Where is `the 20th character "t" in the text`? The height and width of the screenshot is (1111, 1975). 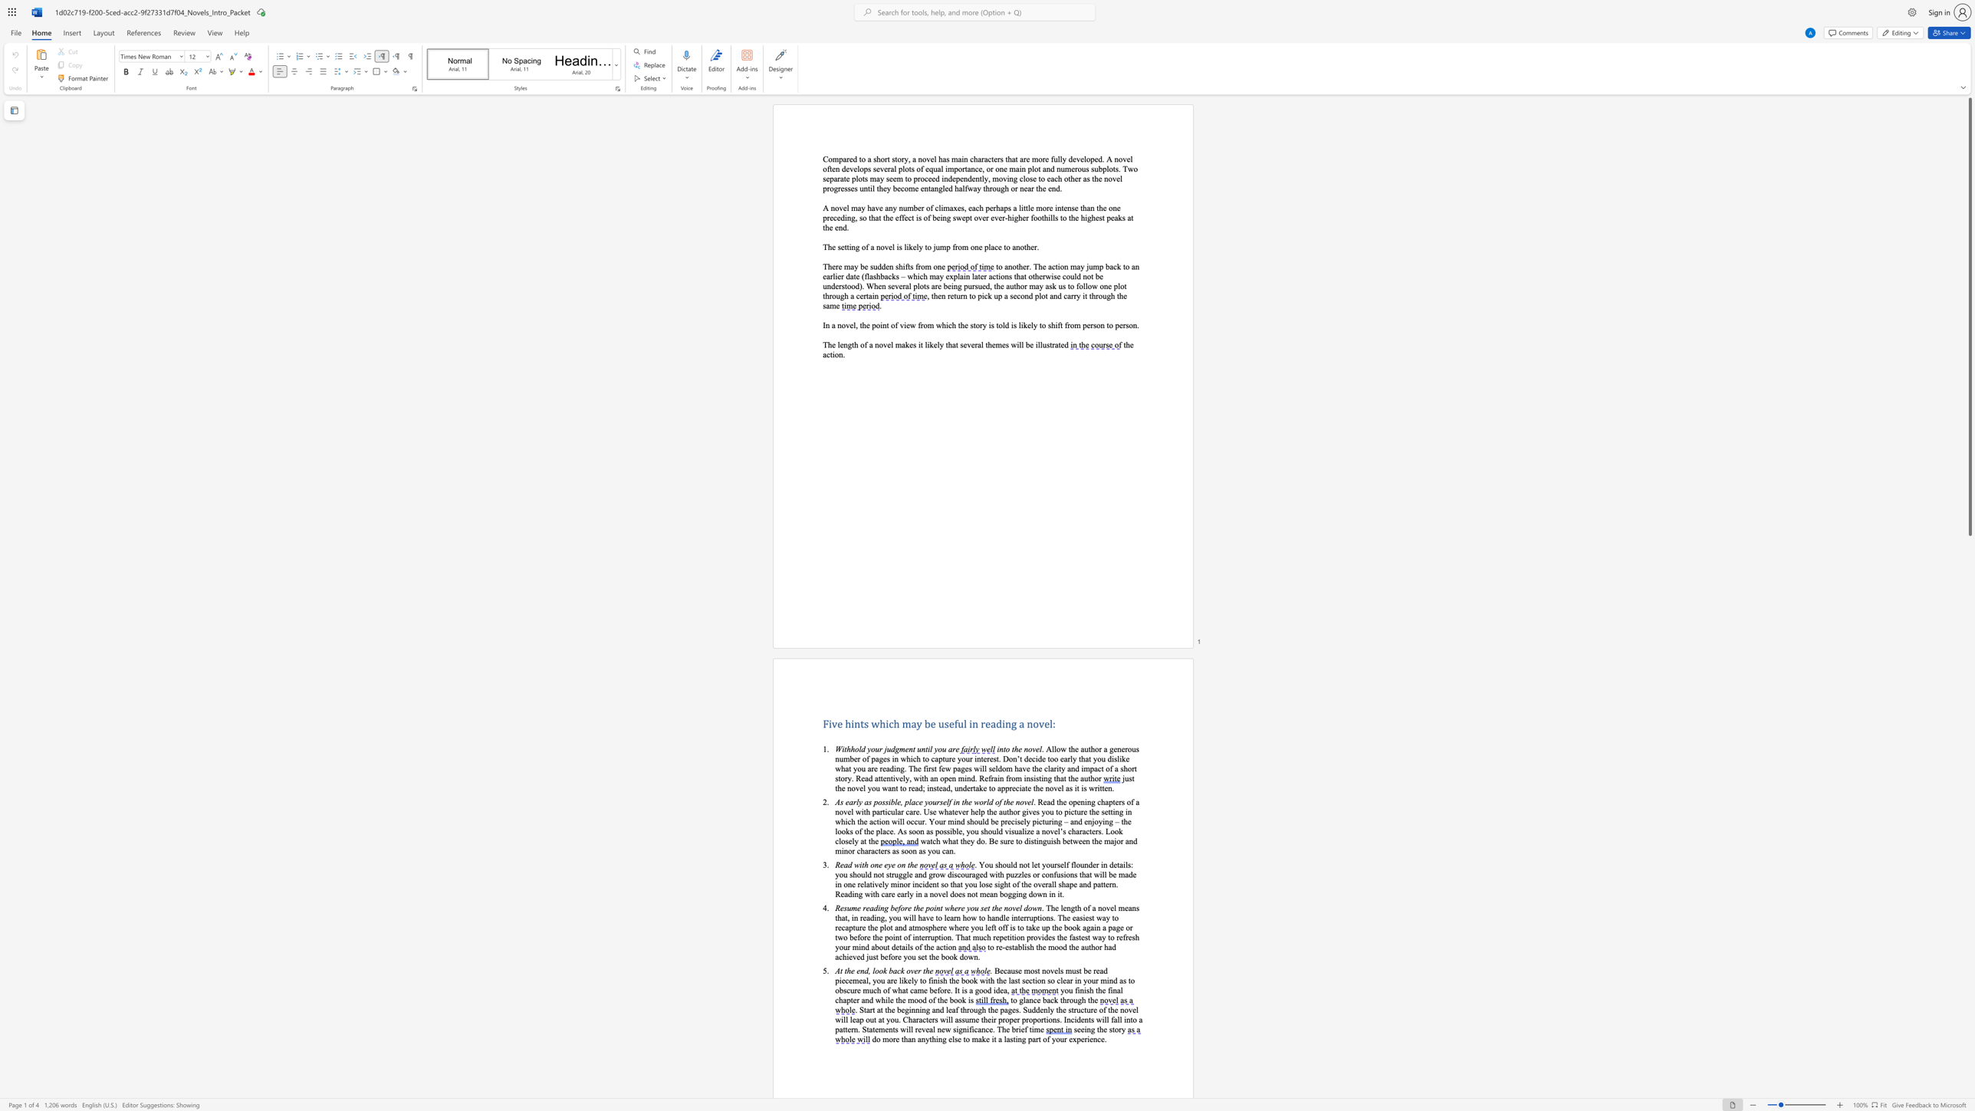 the 20th character "t" in the text is located at coordinates (869, 840).